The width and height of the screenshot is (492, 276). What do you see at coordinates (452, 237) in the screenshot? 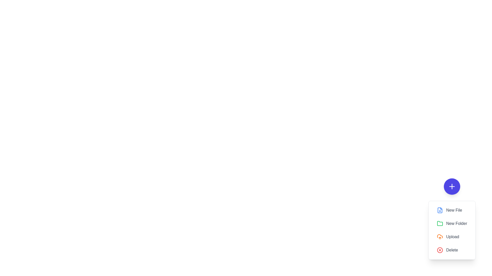
I see `the 'Upload' button in the speed dial menu` at bounding box center [452, 237].